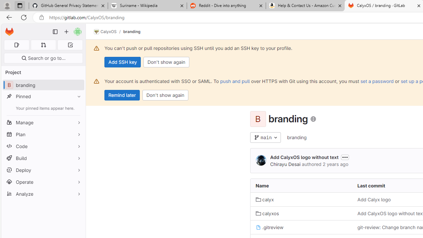 The height and width of the screenshot is (238, 423). I want to click on 'Class: s16 gl-alert-icon gl-alert-icon-no-title', so click(96, 81).